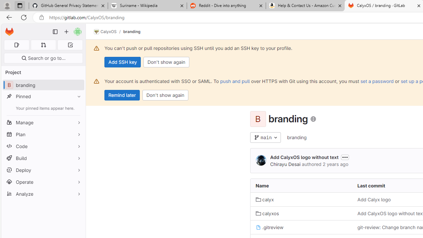 The height and width of the screenshot is (238, 423). I want to click on 'Class: s16 gl-alert-icon gl-alert-icon-no-title', so click(96, 81).